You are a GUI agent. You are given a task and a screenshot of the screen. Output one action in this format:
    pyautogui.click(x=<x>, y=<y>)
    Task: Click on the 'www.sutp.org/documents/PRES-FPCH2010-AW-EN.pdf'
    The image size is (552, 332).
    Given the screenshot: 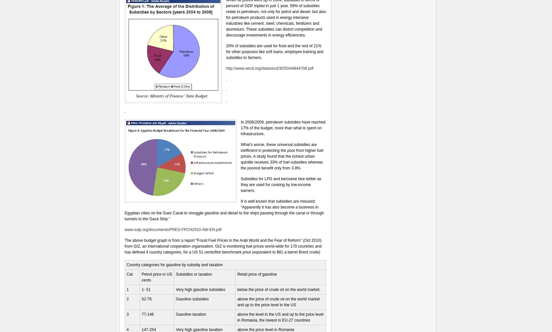 What is the action you would take?
    pyautogui.click(x=173, y=230)
    